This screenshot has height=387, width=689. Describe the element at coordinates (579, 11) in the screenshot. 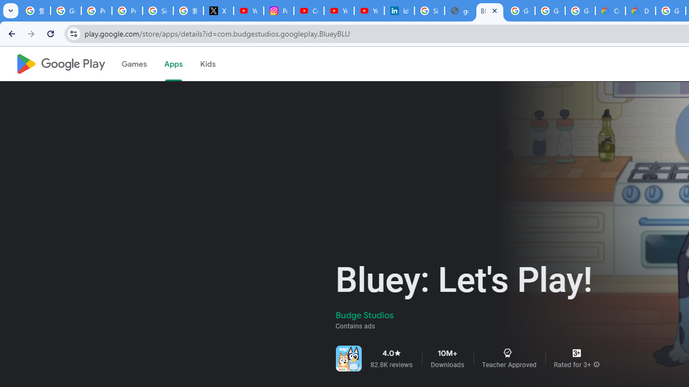

I see `'Google Workspace - Specific Terms'` at that location.